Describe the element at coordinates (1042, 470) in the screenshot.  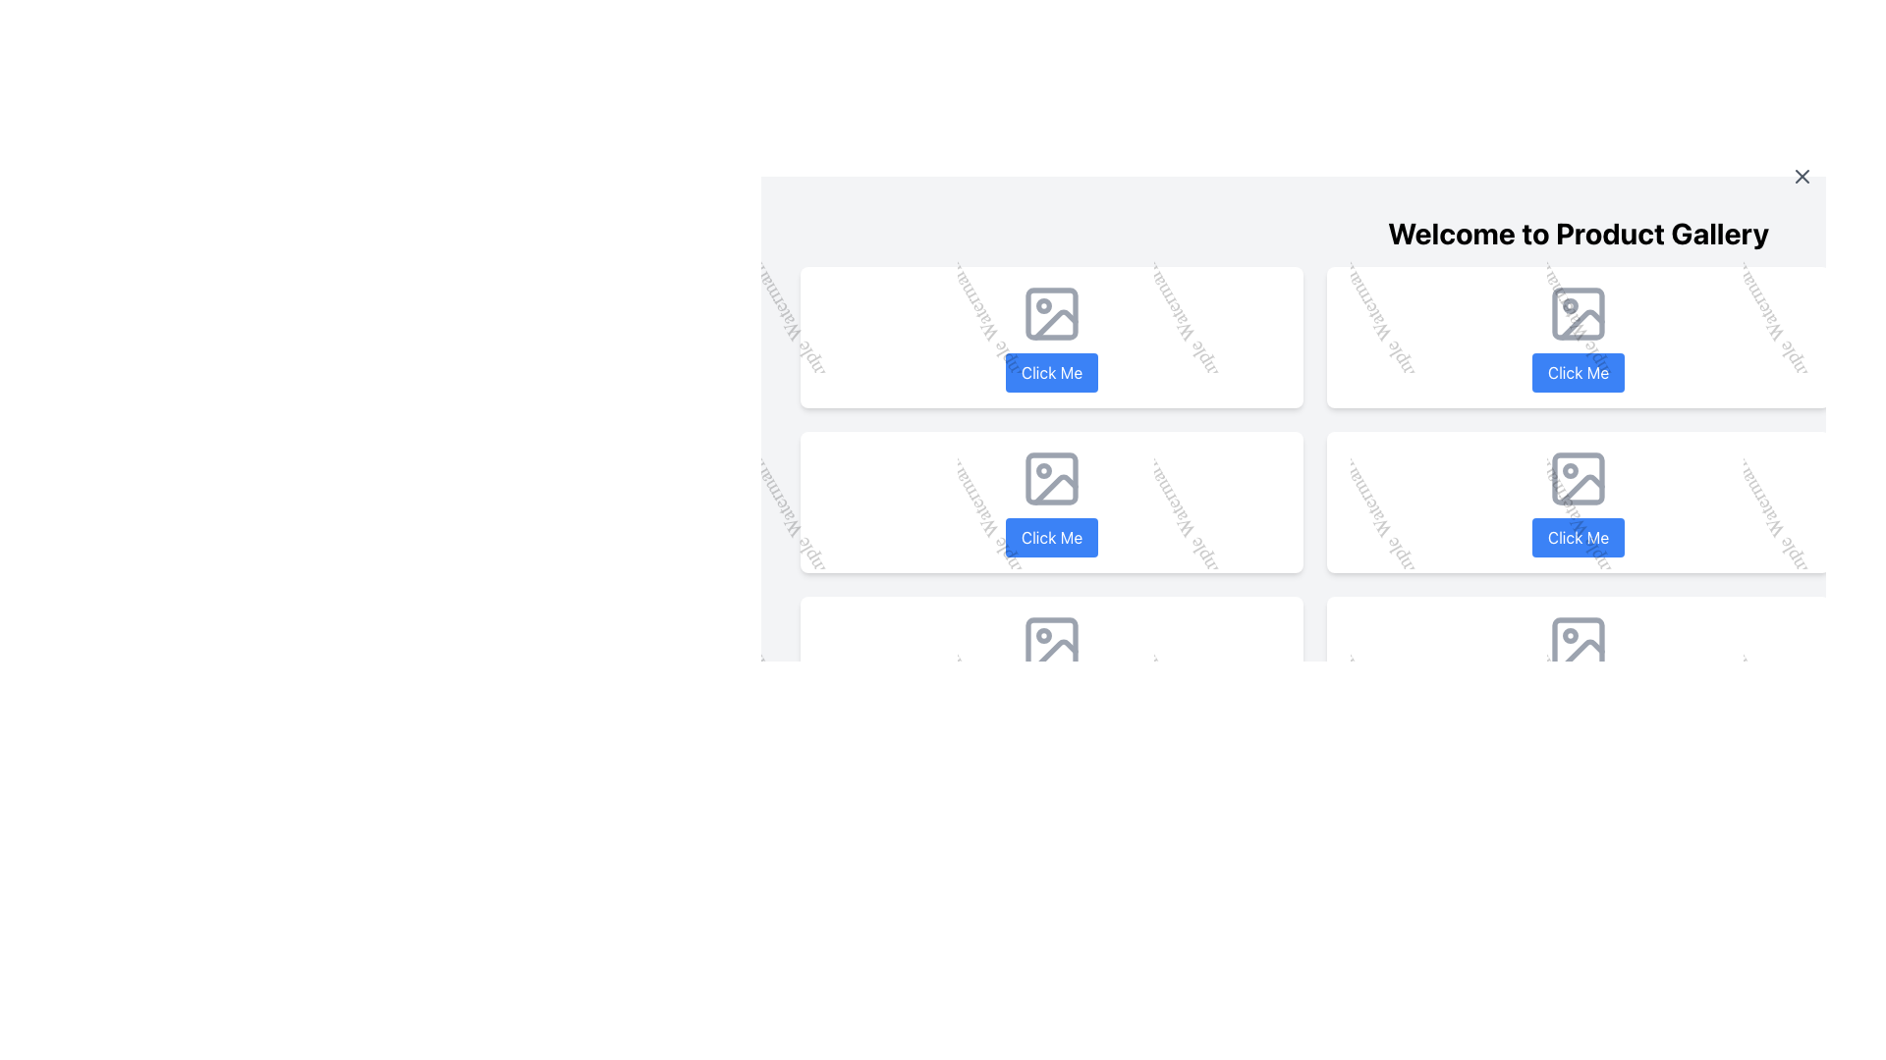
I see `the decorative graphic shape located in the second image placeholder of the second row in the grid layout` at that location.